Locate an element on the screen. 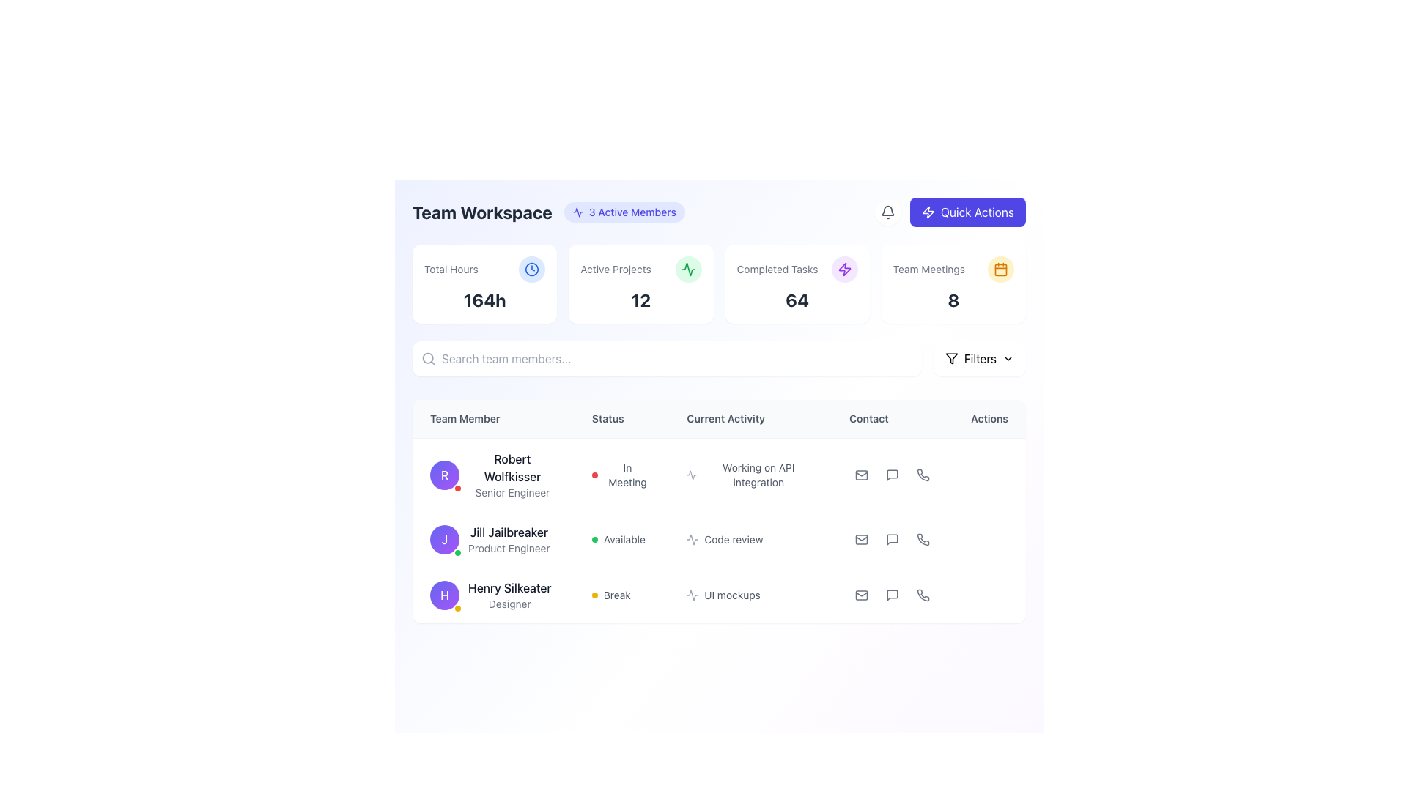 The width and height of the screenshot is (1407, 791). the IconButton located in the rightmost section of the 'Actions' column for the row corresponding to 'Robert Wolfkisser' is located at coordinates (989, 475).